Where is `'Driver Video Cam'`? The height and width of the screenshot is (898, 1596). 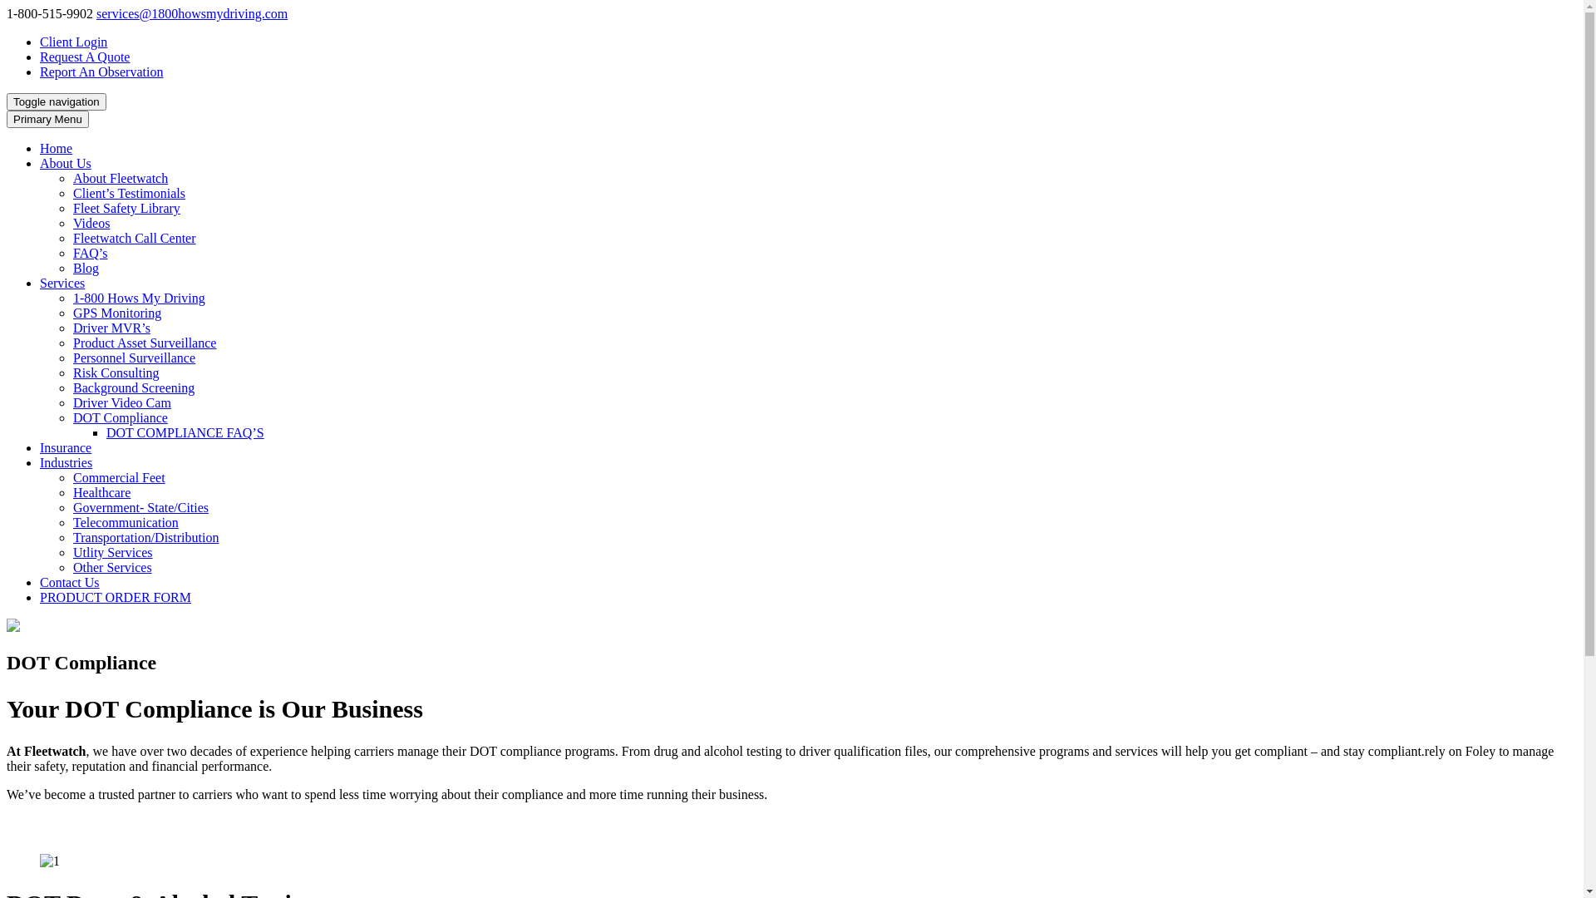
'Driver Video Cam' is located at coordinates (121, 402).